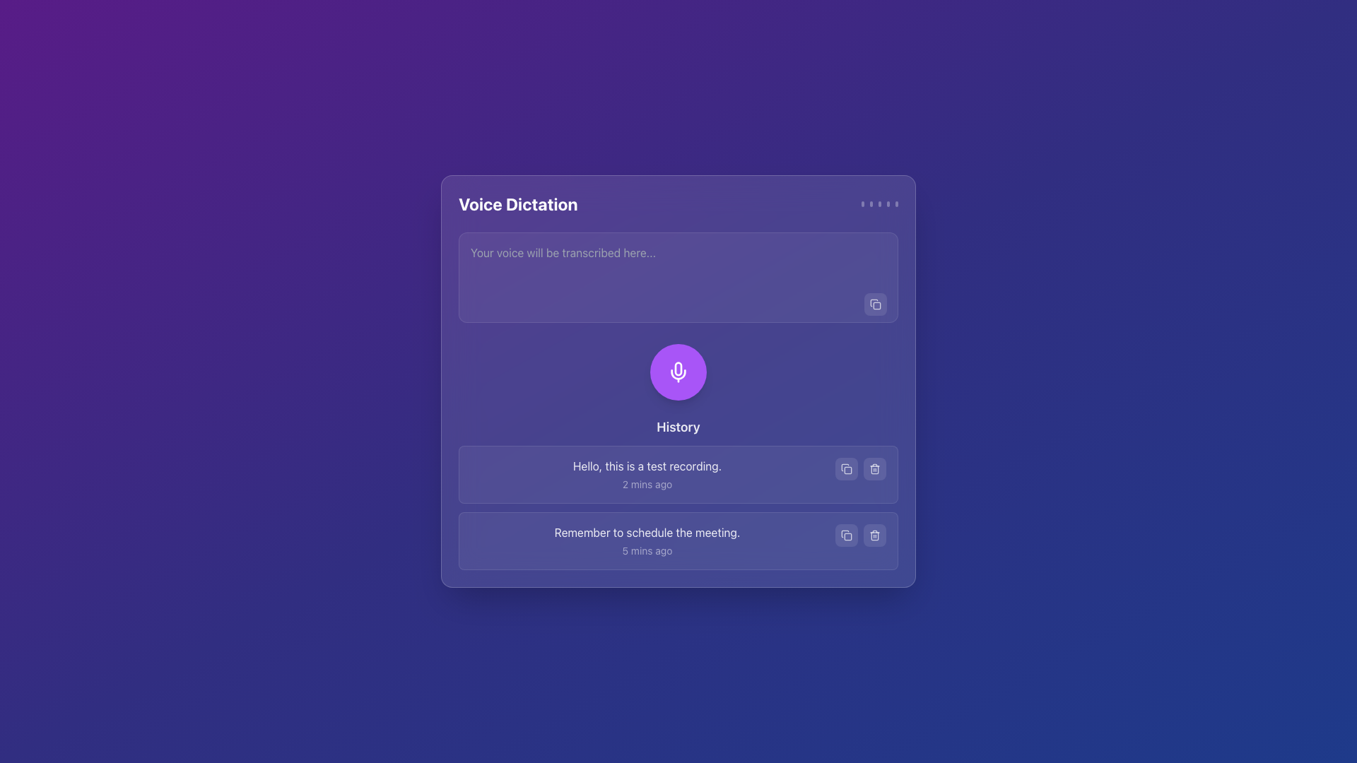  I want to click on the Text label that displays the recorded message in the history list section, positioned above the timestamp '2 mins ago', so click(647, 466).